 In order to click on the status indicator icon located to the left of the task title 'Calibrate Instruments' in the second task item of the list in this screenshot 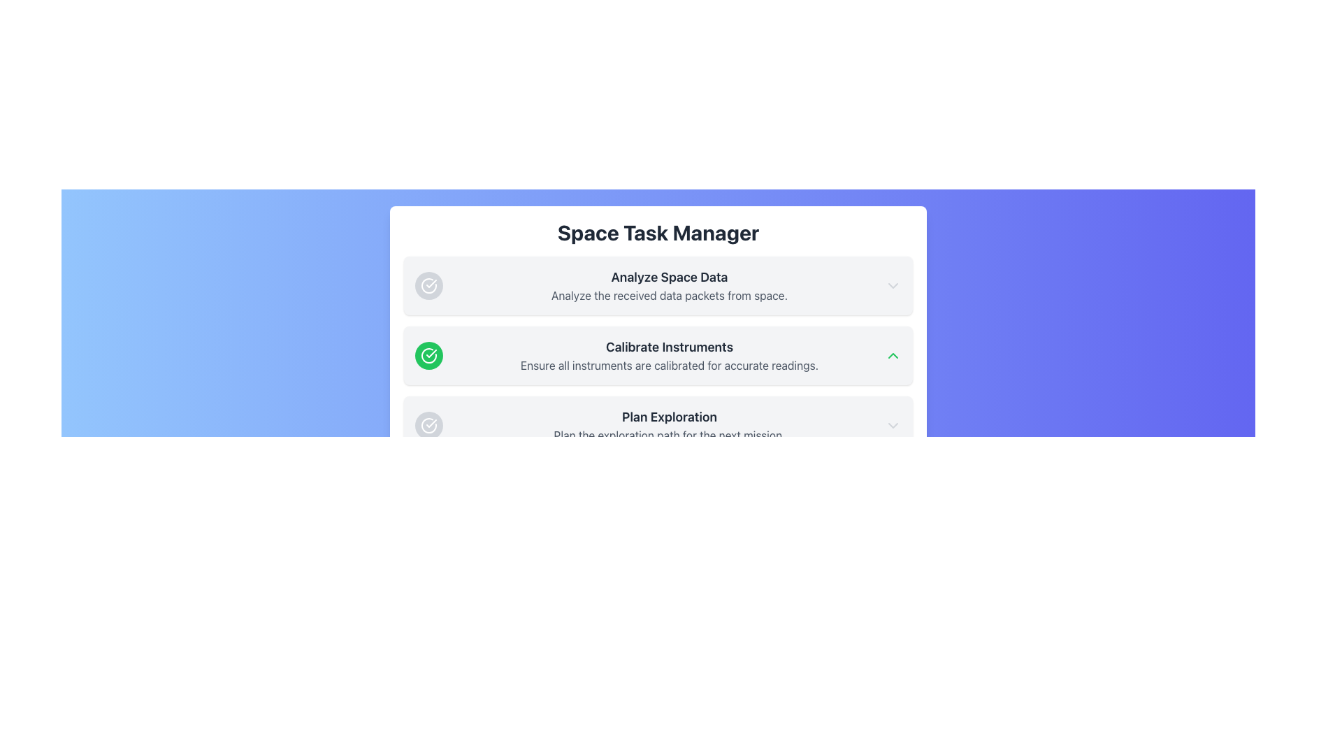, I will do `click(428, 355)`.